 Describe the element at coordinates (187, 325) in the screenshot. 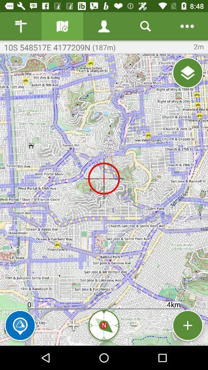

I see `pin location to map` at that location.